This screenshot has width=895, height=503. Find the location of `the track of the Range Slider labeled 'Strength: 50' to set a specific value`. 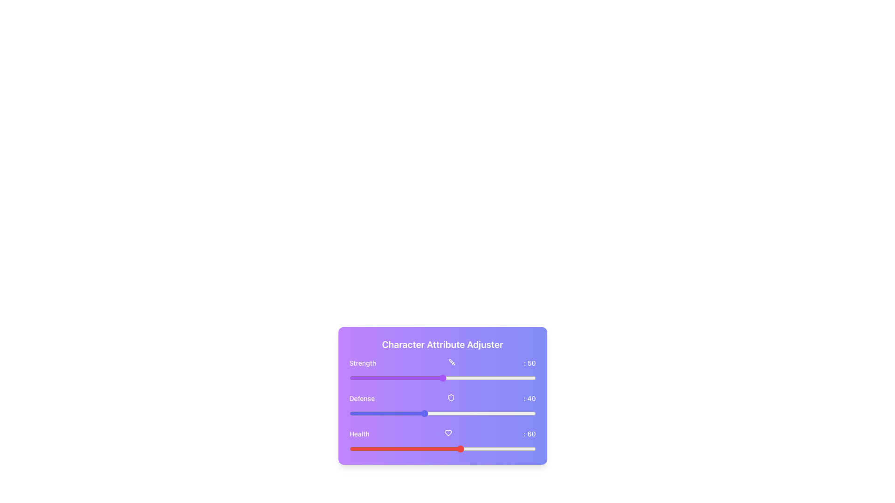

the track of the Range Slider labeled 'Strength: 50' to set a specific value is located at coordinates (442, 378).